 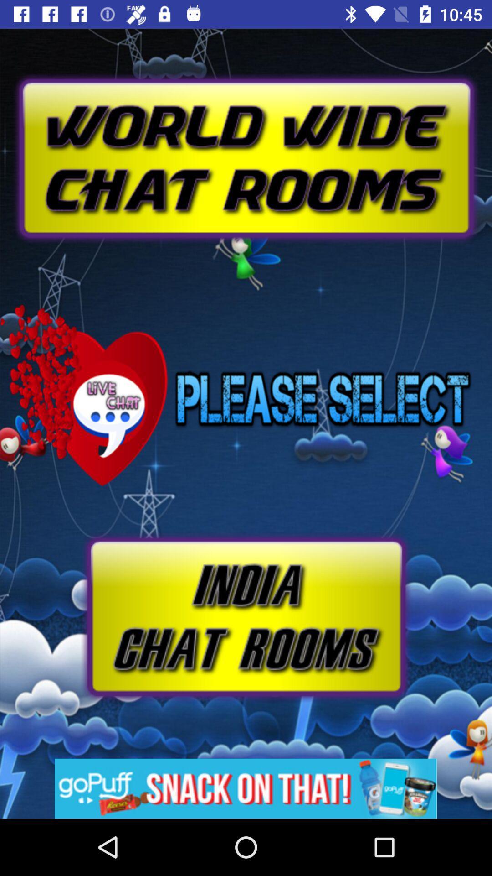 I want to click on start chat option, so click(x=245, y=617).